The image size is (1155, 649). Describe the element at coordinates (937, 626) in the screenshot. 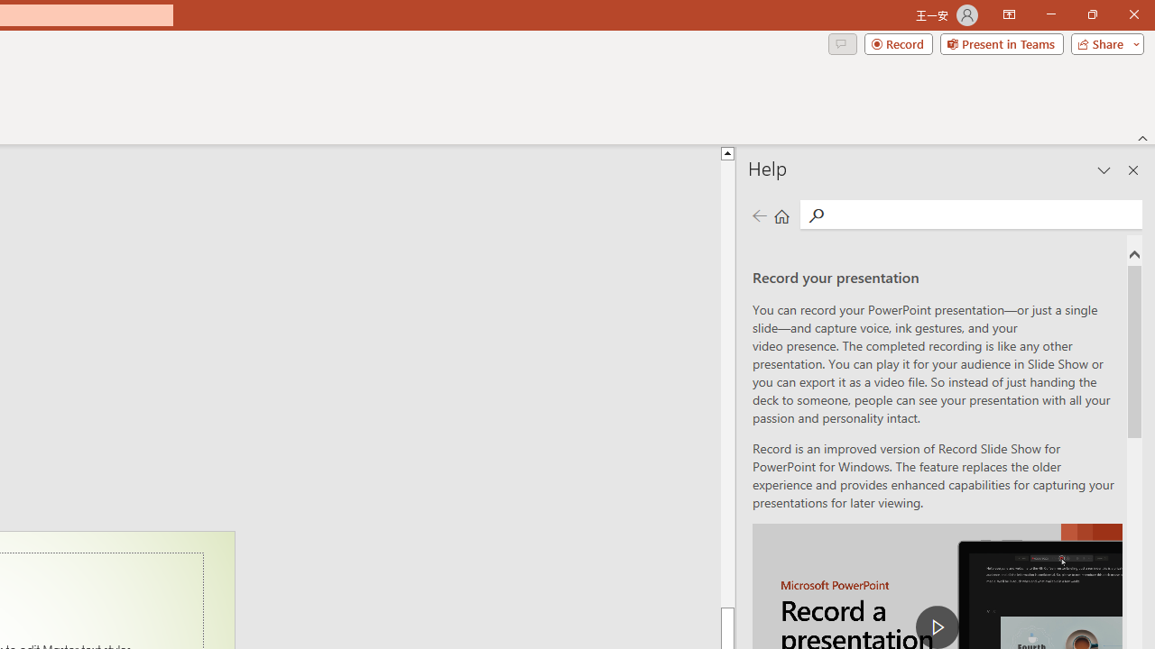

I see `'play Record a Presentation'` at that location.